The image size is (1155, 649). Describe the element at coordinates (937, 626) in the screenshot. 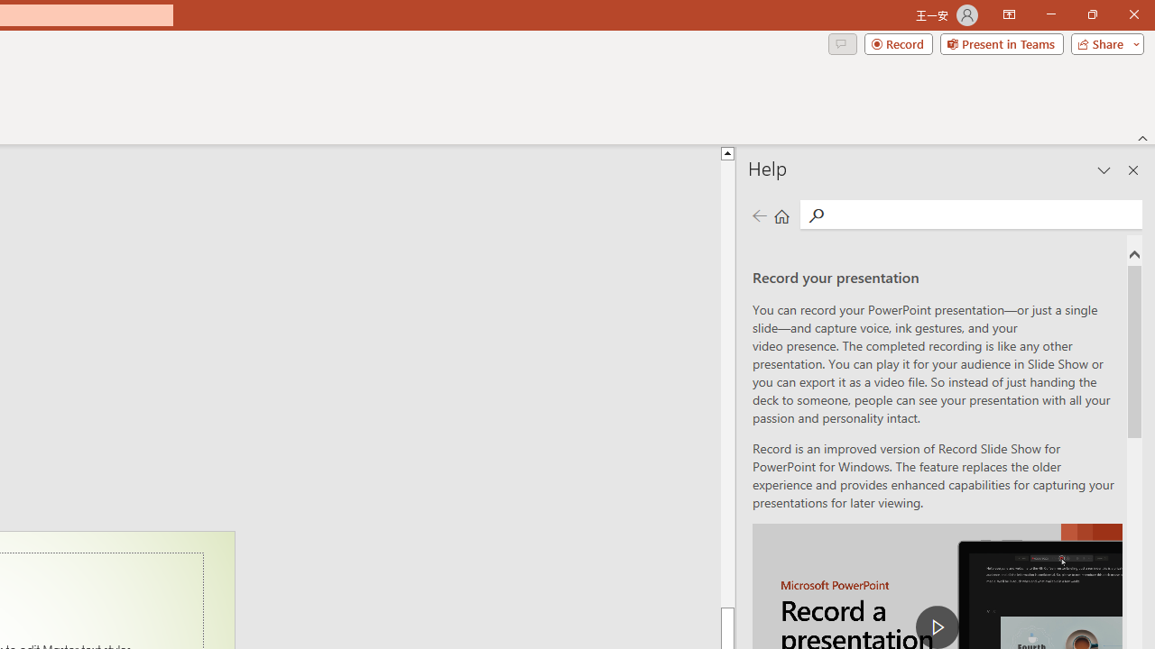

I see `'play Record a Presentation'` at that location.